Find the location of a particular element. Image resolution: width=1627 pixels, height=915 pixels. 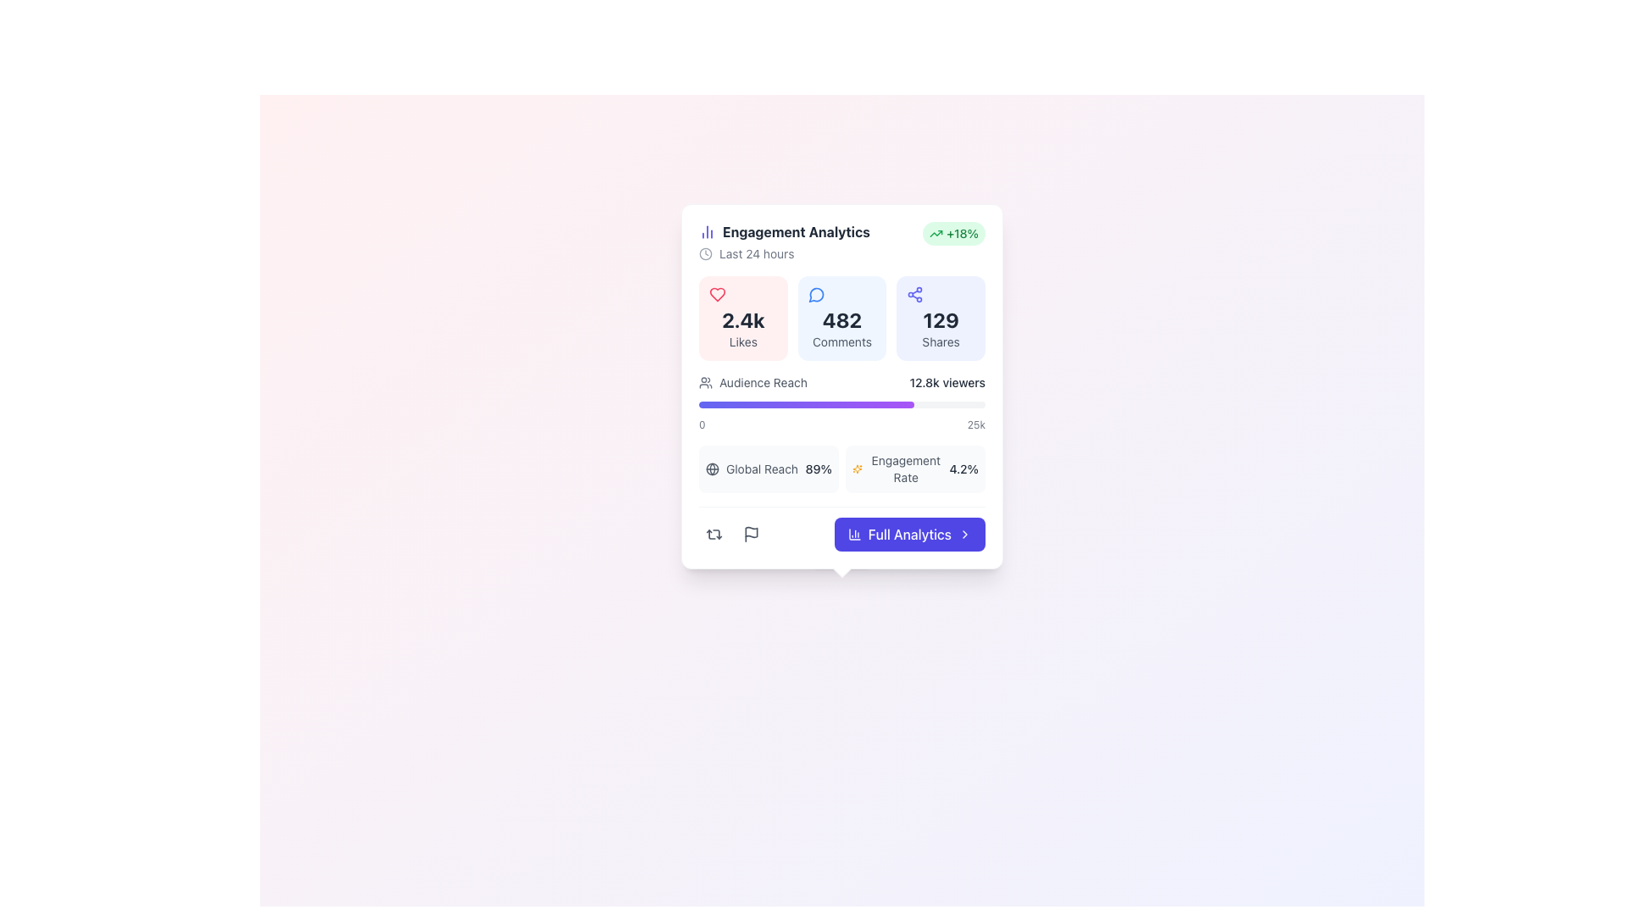

the circular refresh button located in the lower-left corner of the card, featuring two arrows in a circular motion is located at coordinates (714, 535).